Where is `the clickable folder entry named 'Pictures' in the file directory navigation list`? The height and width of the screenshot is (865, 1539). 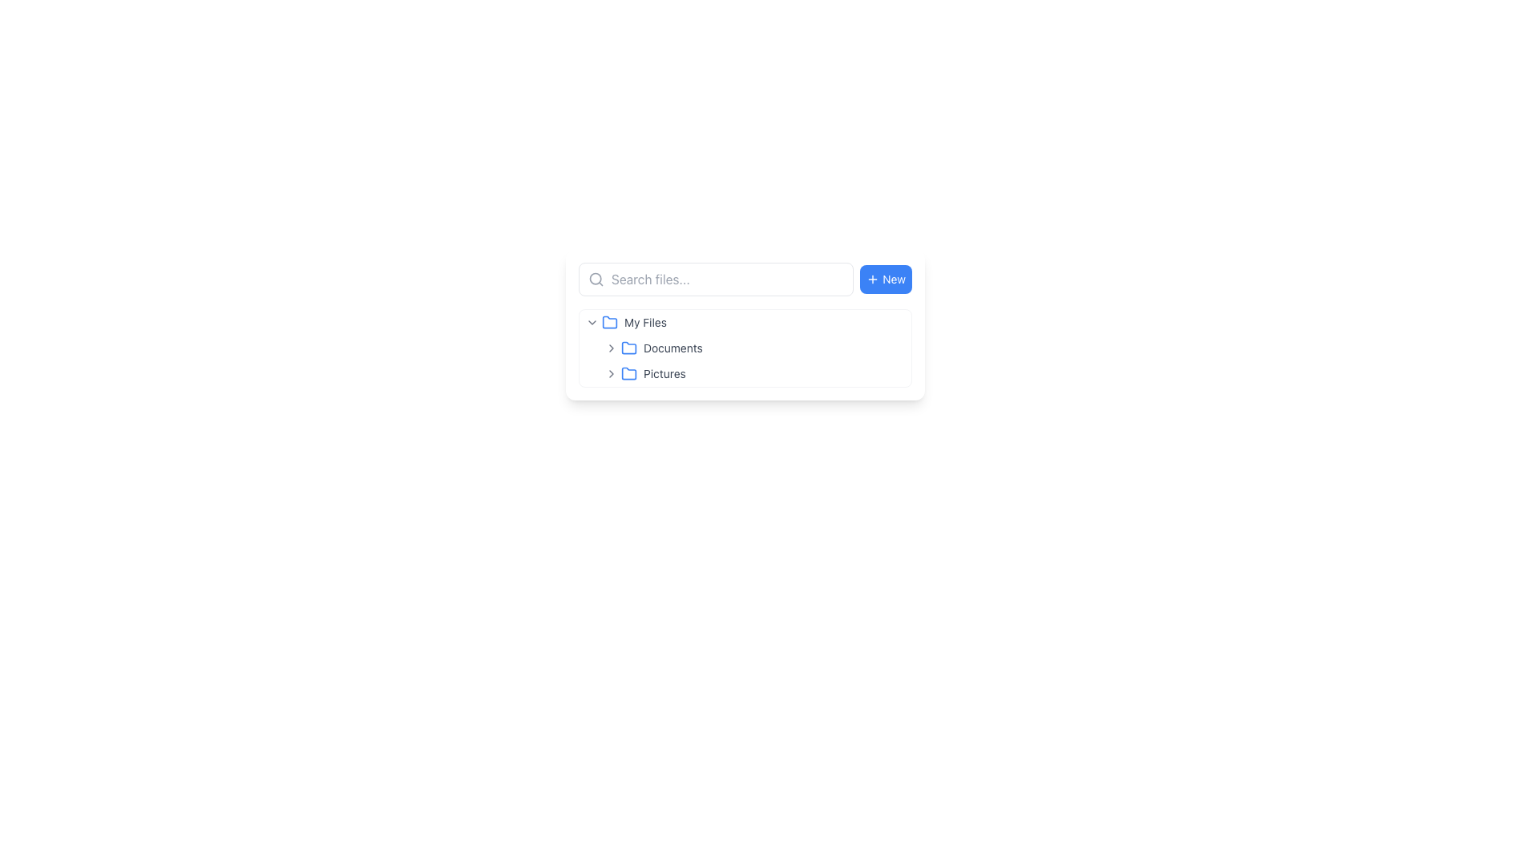 the clickable folder entry named 'Pictures' in the file directory navigation list is located at coordinates (745, 373).